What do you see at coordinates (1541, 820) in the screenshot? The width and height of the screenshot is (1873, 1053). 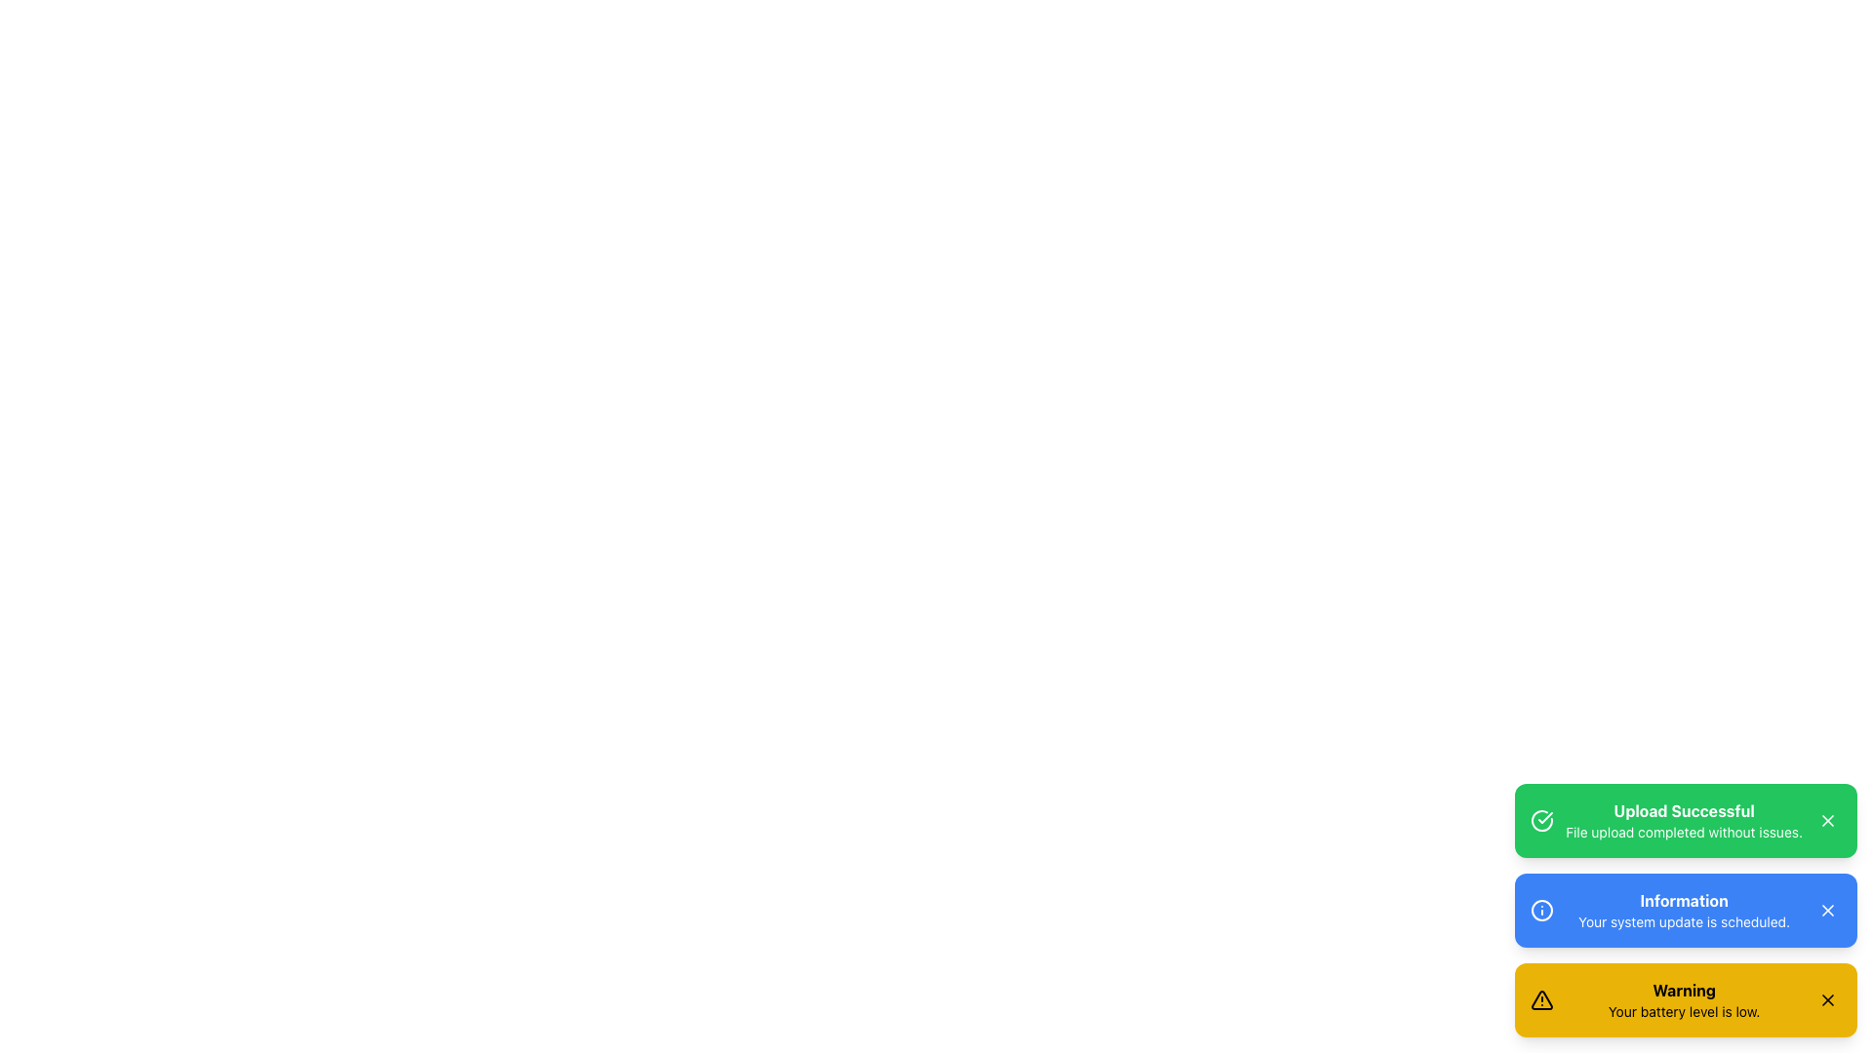 I see `the success icon located at the top-left corner of the green notification box labeled 'Upload Successful', which is the first alert in the vertical stack on the right side of the interface` at bounding box center [1541, 820].